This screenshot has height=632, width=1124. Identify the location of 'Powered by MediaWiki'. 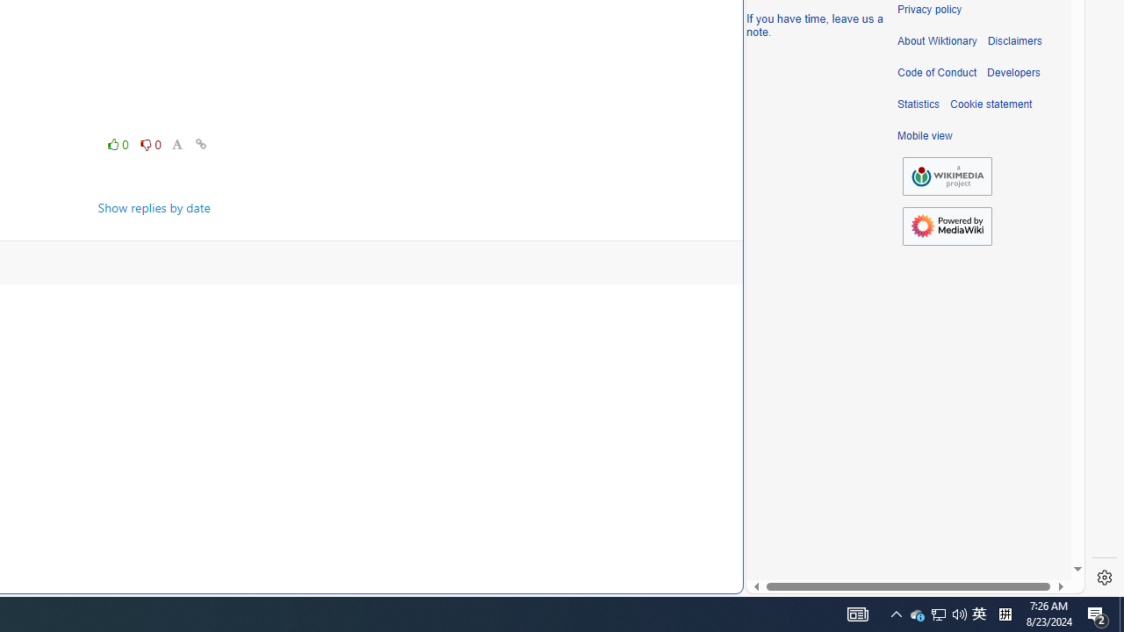
(947, 225).